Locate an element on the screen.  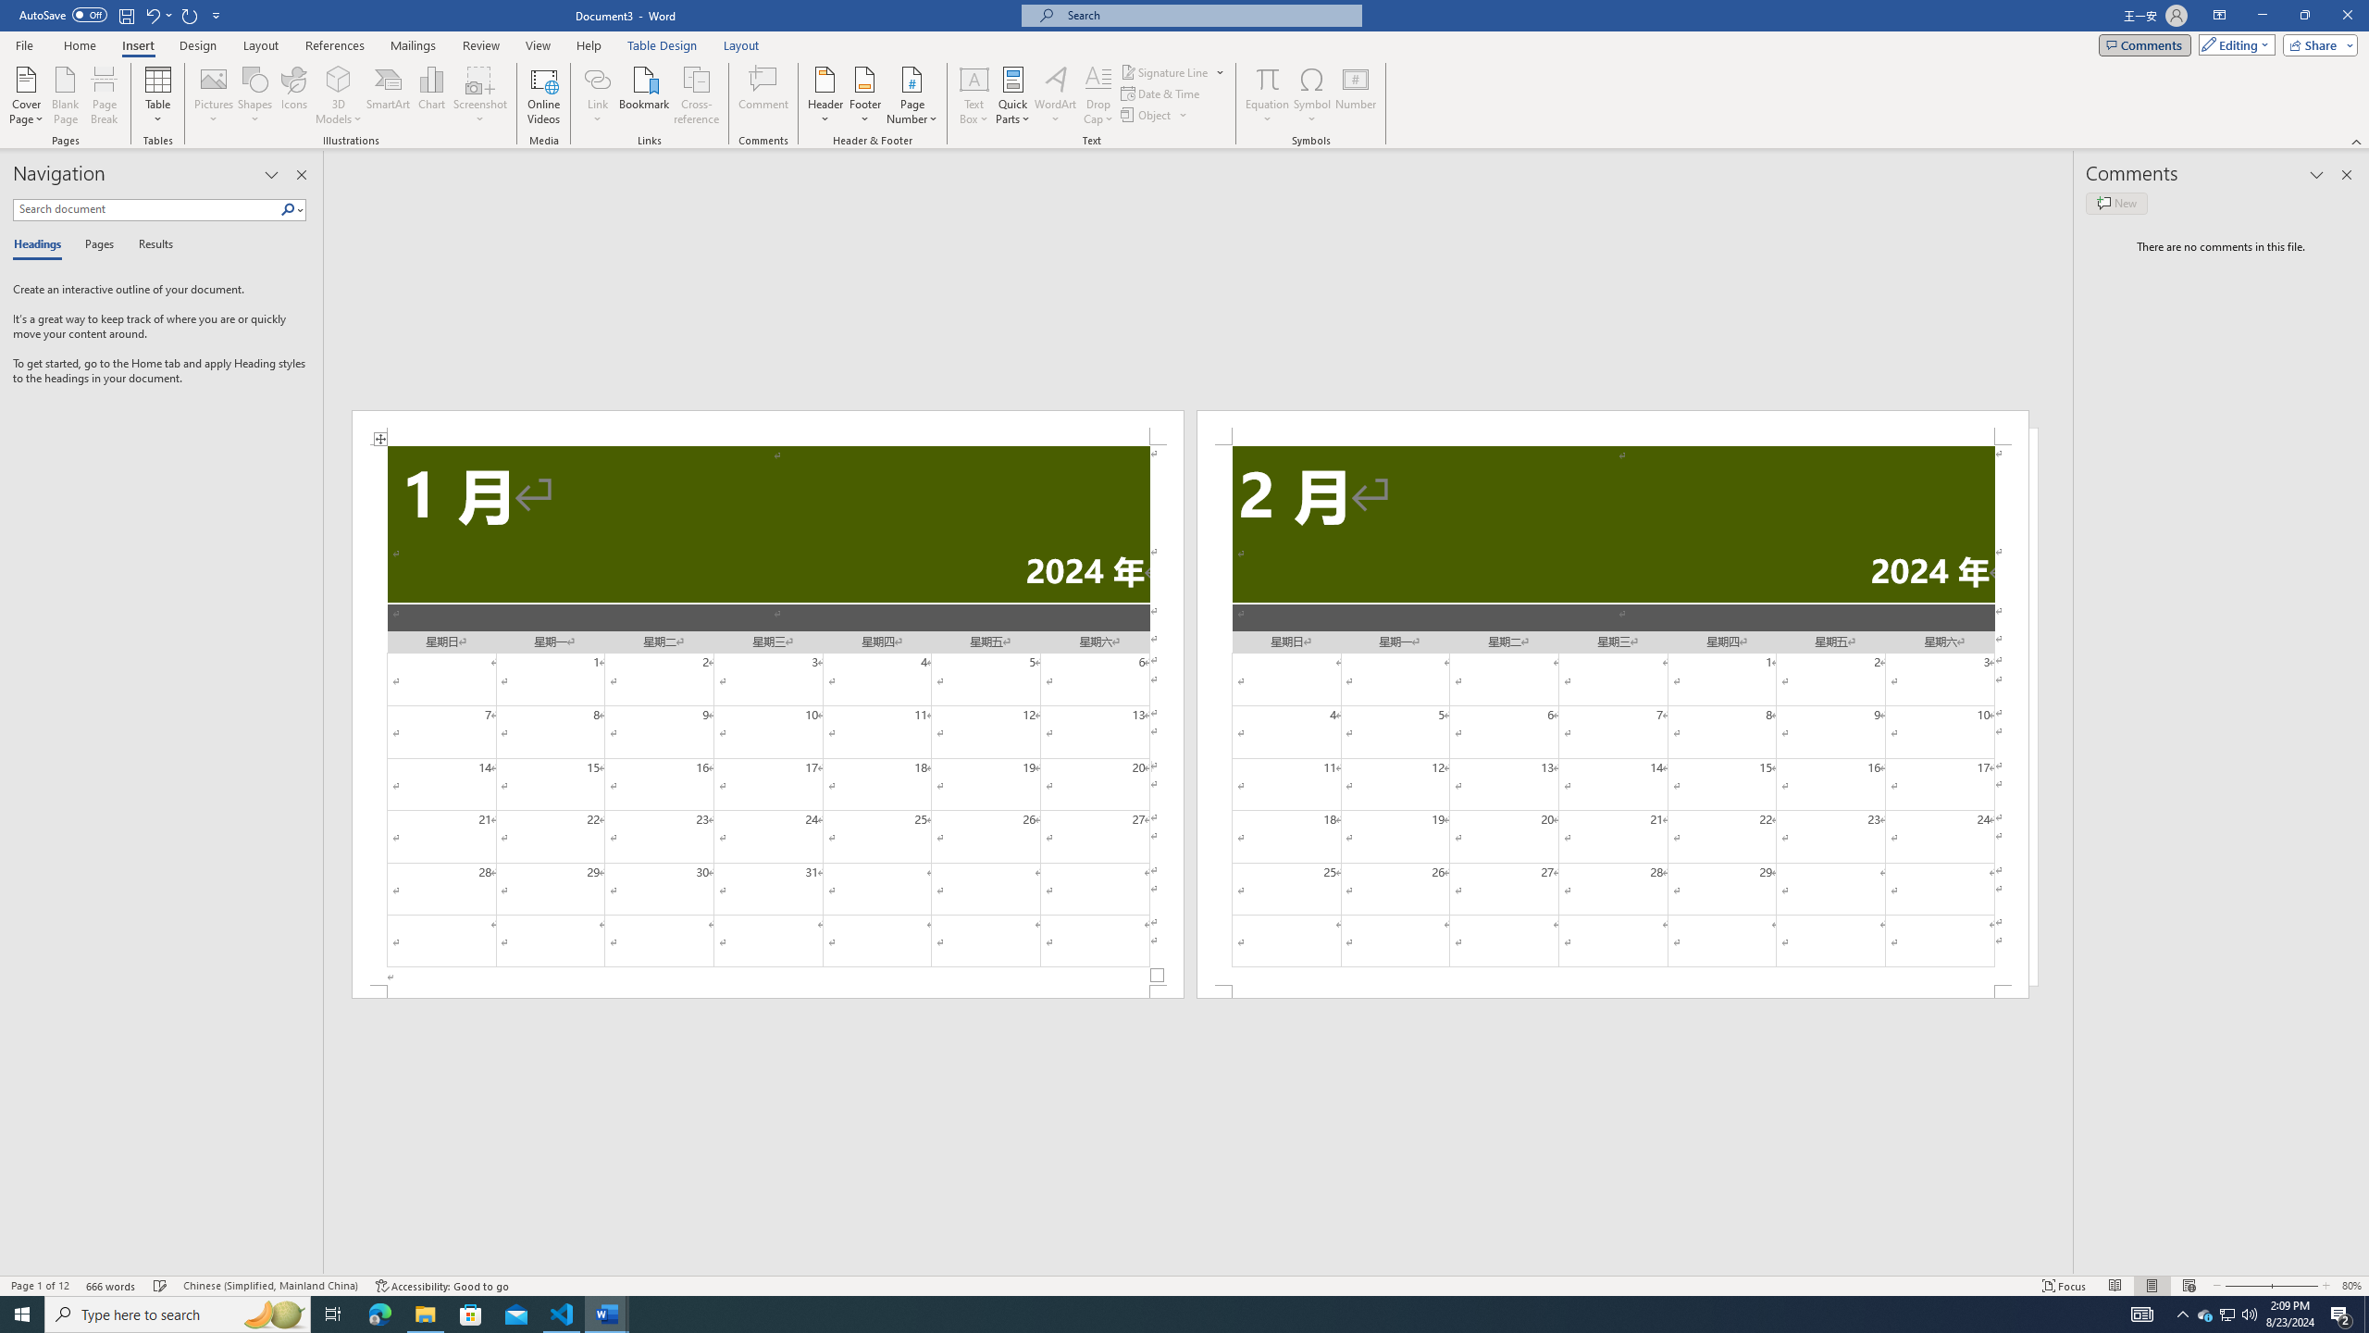
'Microsoft search' is located at coordinates (1207, 15).